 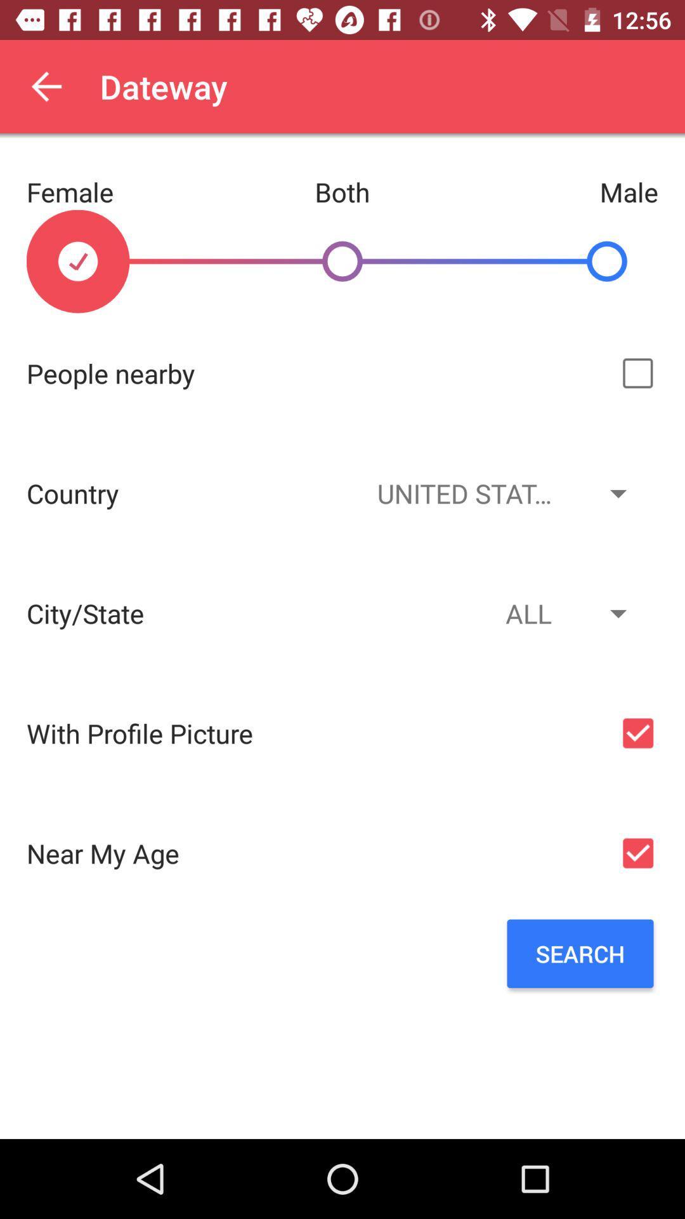 What do you see at coordinates (46, 86) in the screenshot?
I see `the item next to dateway app` at bounding box center [46, 86].